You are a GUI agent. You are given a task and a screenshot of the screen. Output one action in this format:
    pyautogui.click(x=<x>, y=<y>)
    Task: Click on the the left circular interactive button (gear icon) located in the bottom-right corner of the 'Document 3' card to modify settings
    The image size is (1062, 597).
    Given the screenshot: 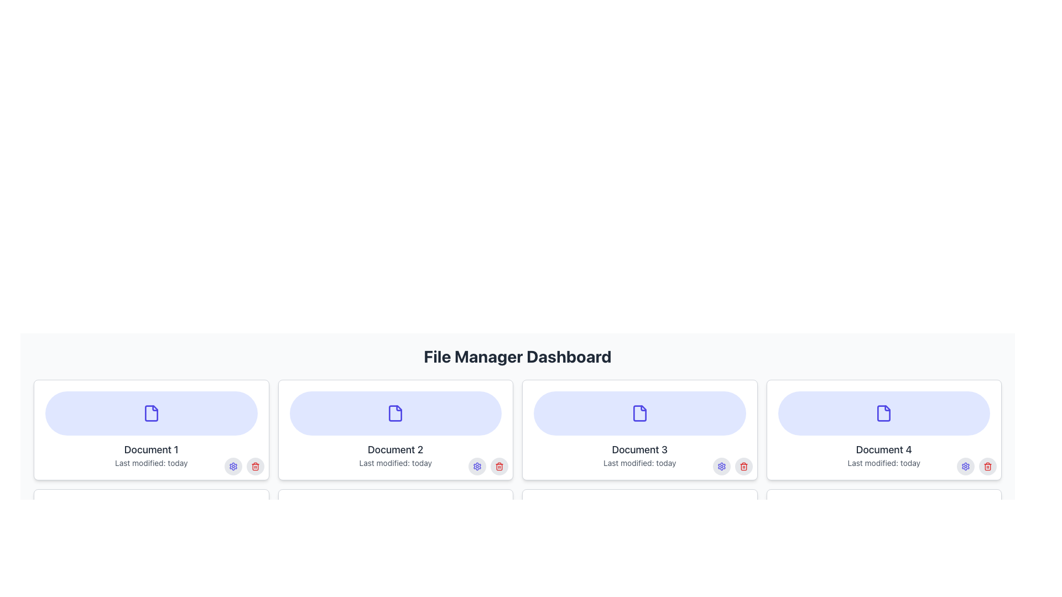 What is the action you would take?
    pyautogui.click(x=732, y=467)
    